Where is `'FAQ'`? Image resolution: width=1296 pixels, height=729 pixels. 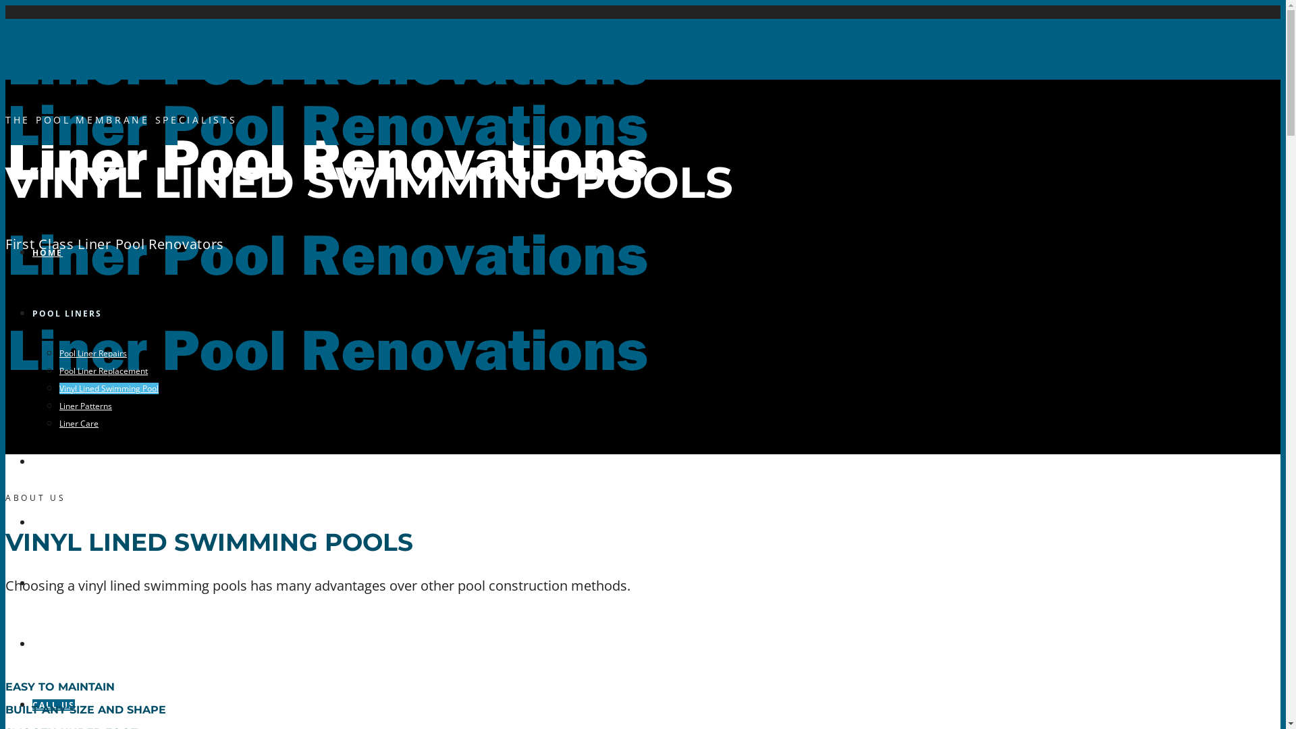
'FAQ' is located at coordinates (43, 522).